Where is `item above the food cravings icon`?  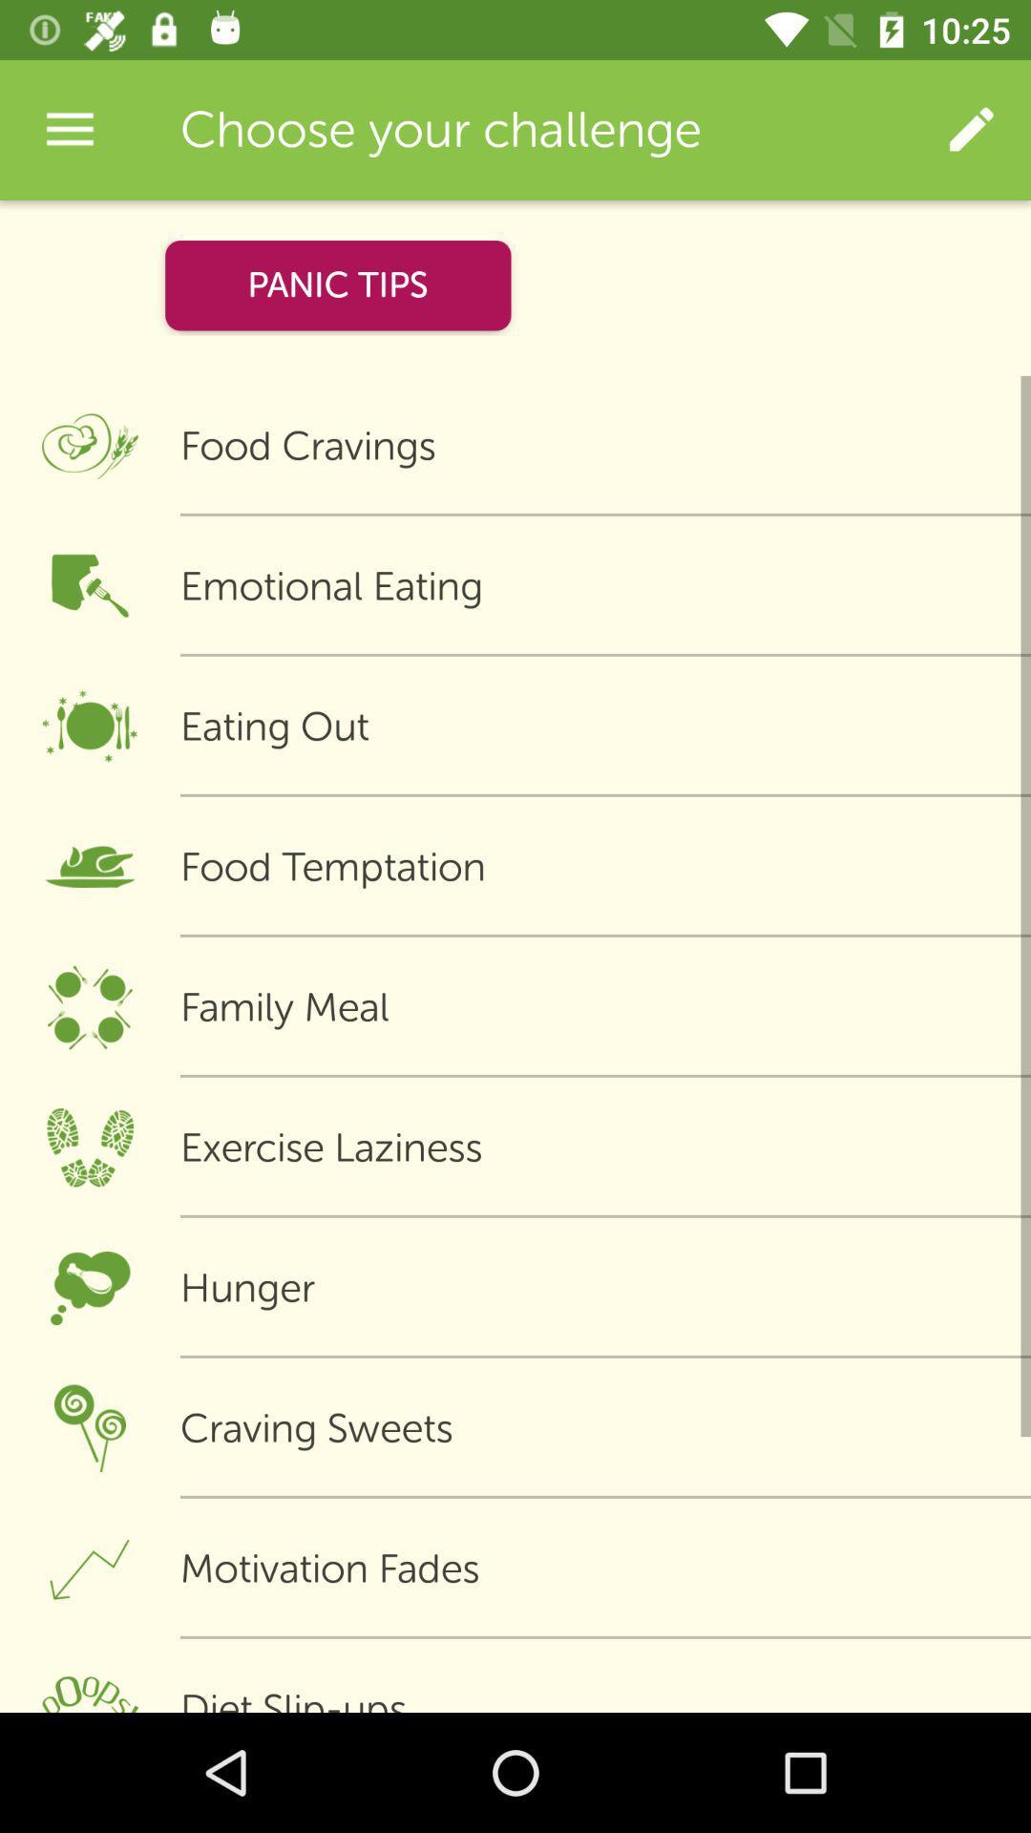 item above the food cravings icon is located at coordinates (971, 129).